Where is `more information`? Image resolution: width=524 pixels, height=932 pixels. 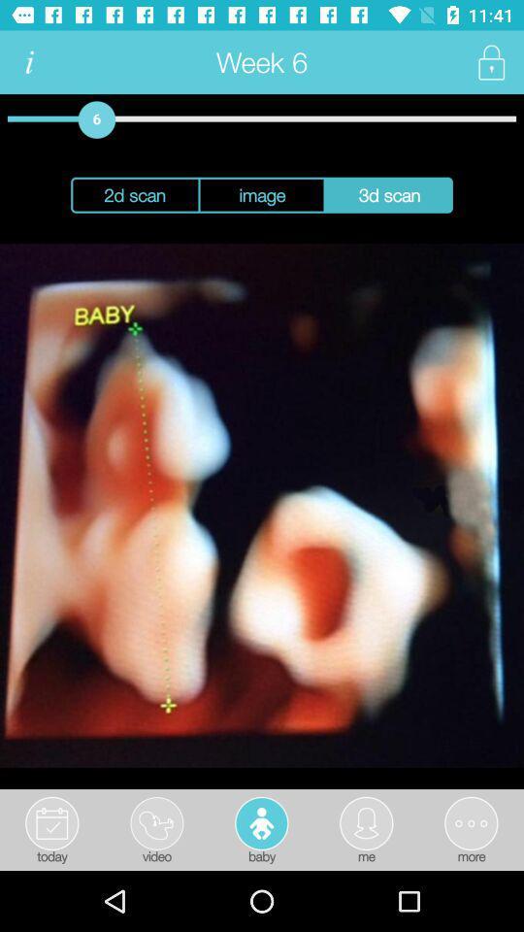 more information is located at coordinates (28, 62).